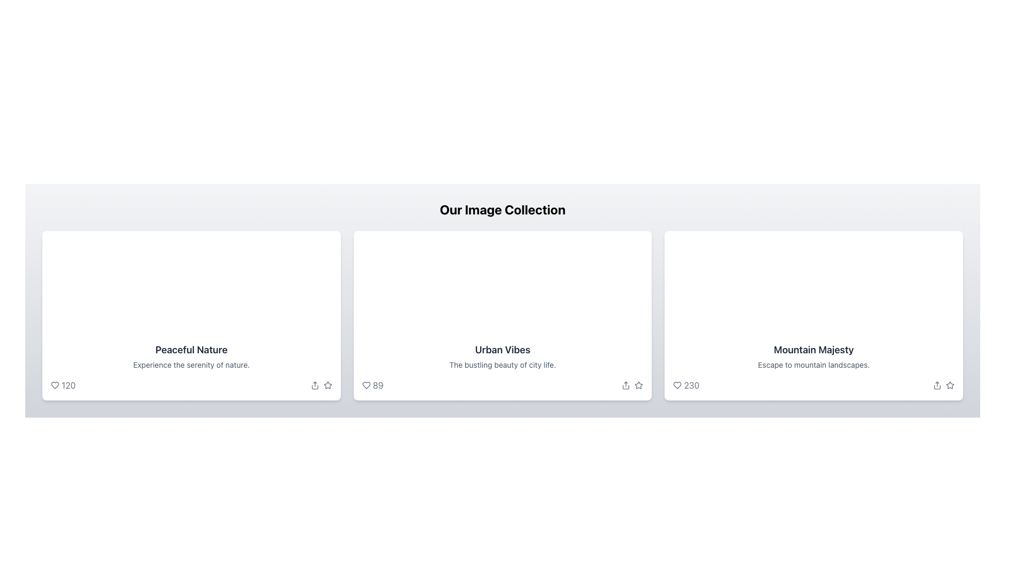  Describe the element at coordinates (944, 384) in the screenshot. I see `the left icon of the Button Group located in the bottom-right corner of the 'Mountain Majesty' card` at that location.